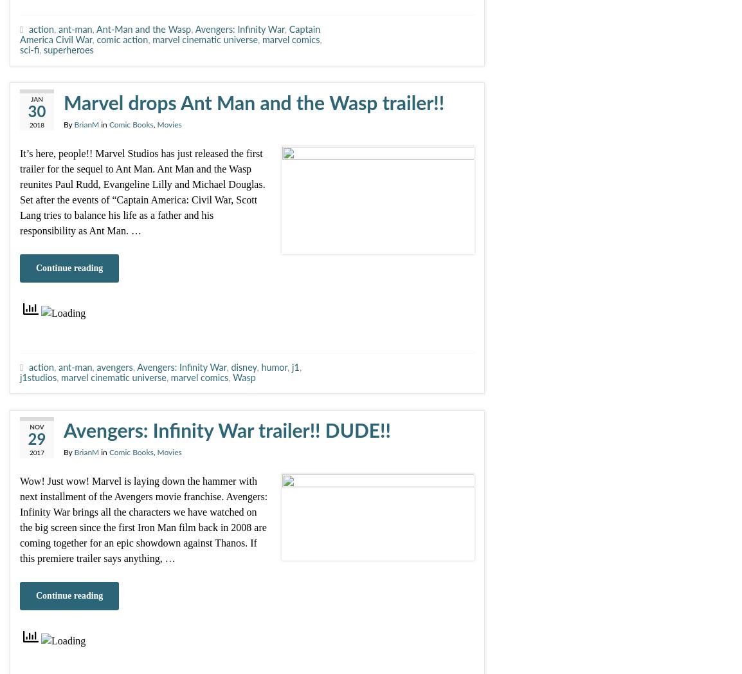  I want to click on 'Avengers: Infinity War trailer!! DUDE!!', so click(227, 431).